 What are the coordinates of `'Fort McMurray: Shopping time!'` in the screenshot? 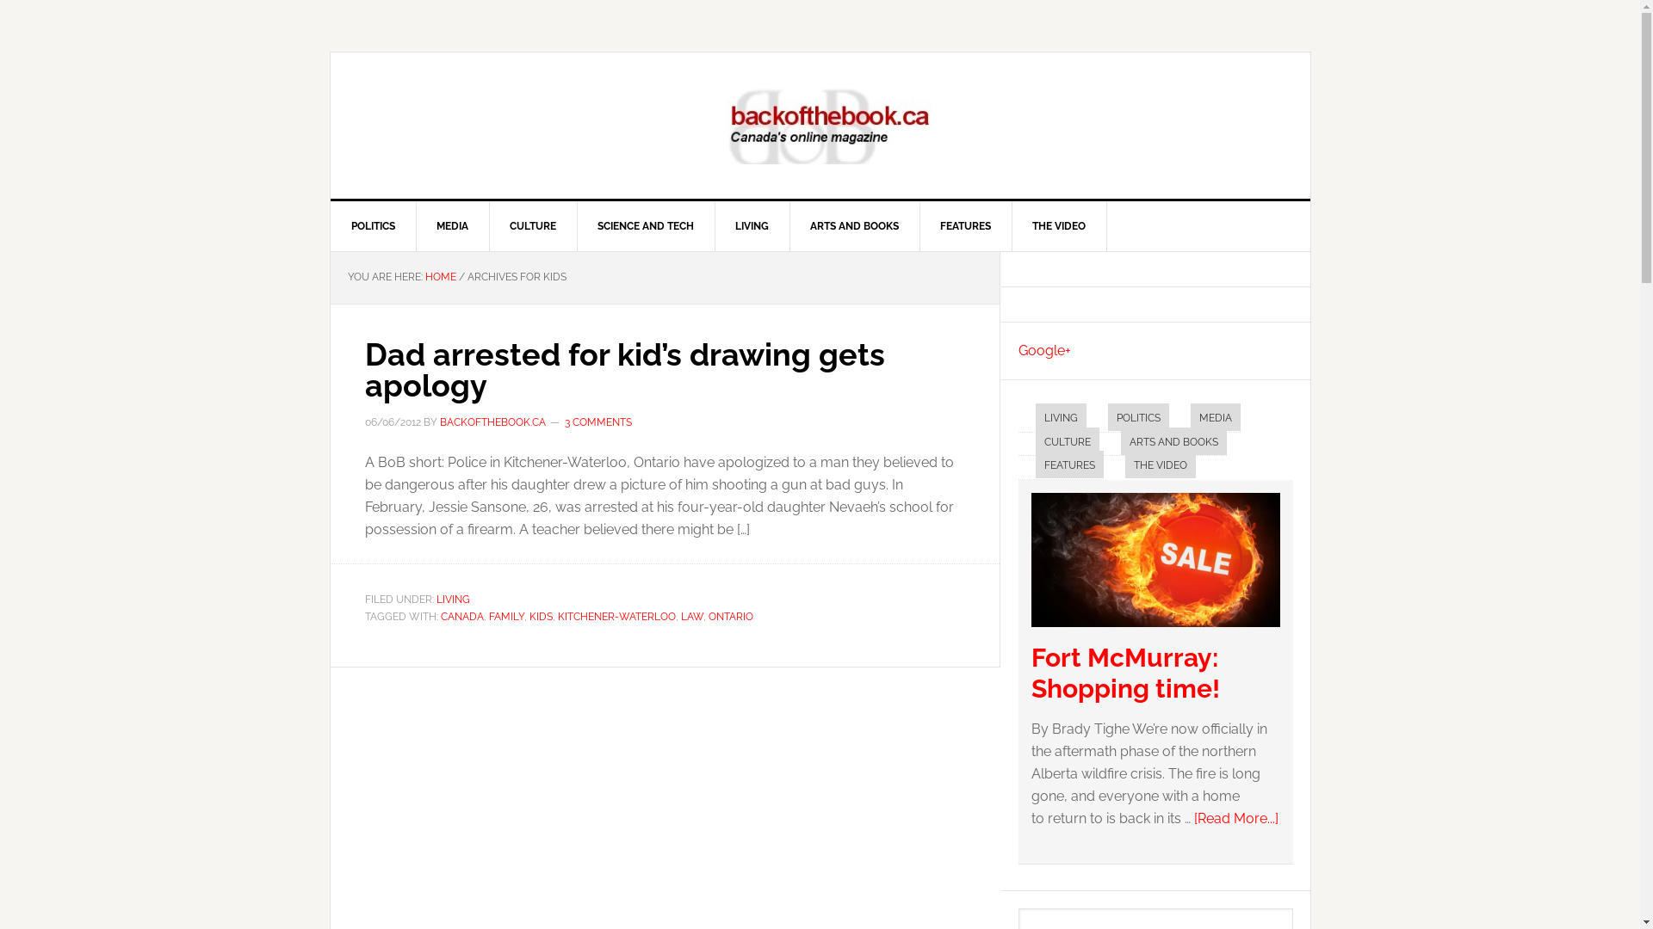 It's located at (1125, 672).